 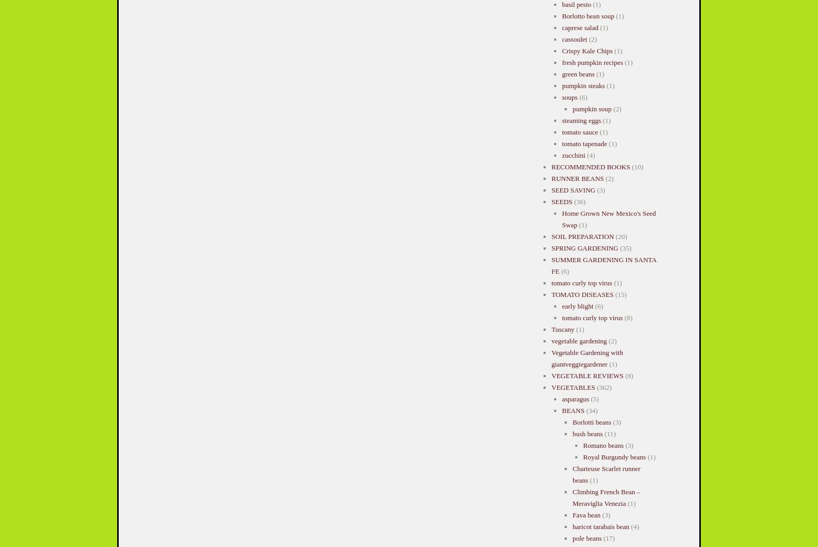 I want to click on 'RUNNER BEANS', so click(x=577, y=178).